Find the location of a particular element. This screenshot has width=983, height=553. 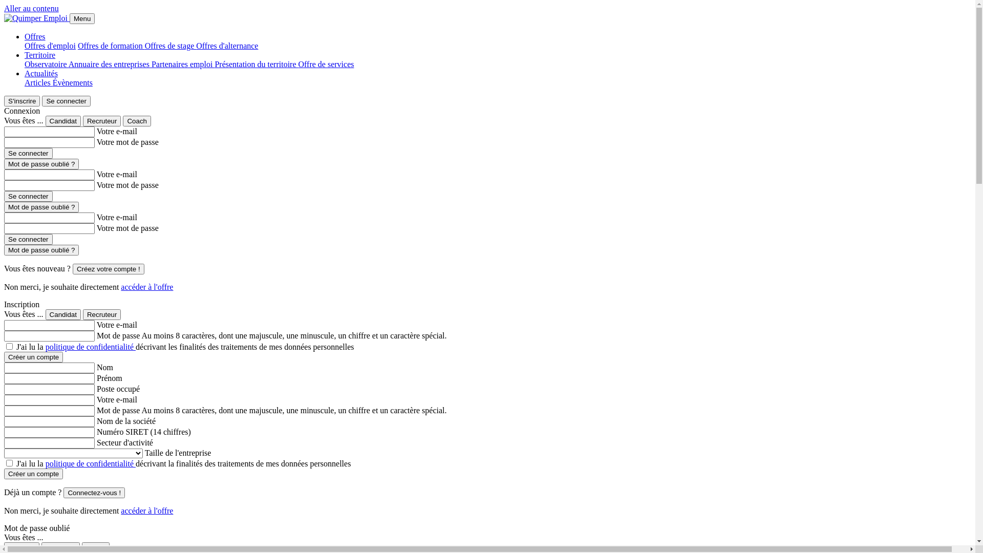

'Territoire' is located at coordinates (39, 55).